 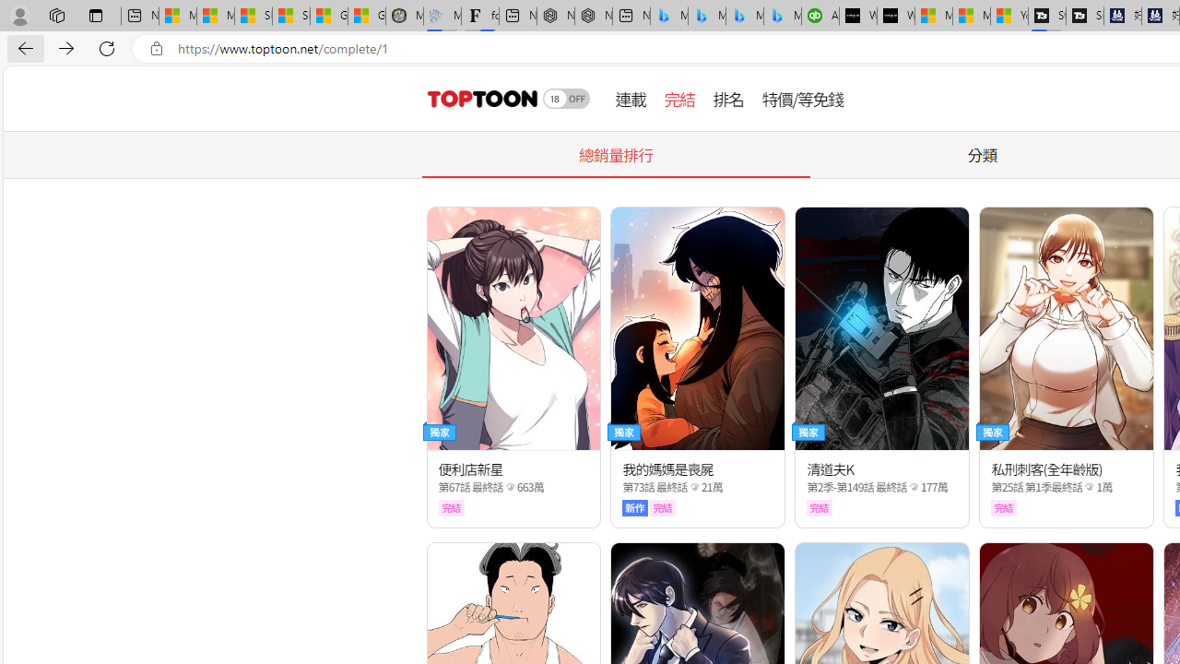 What do you see at coordinates (593, 16) in the screenshot?
I see `'Nordace - #1 Japanese Best-Seller - Siena Smart Backpack'` at bounding box center [593, 16].